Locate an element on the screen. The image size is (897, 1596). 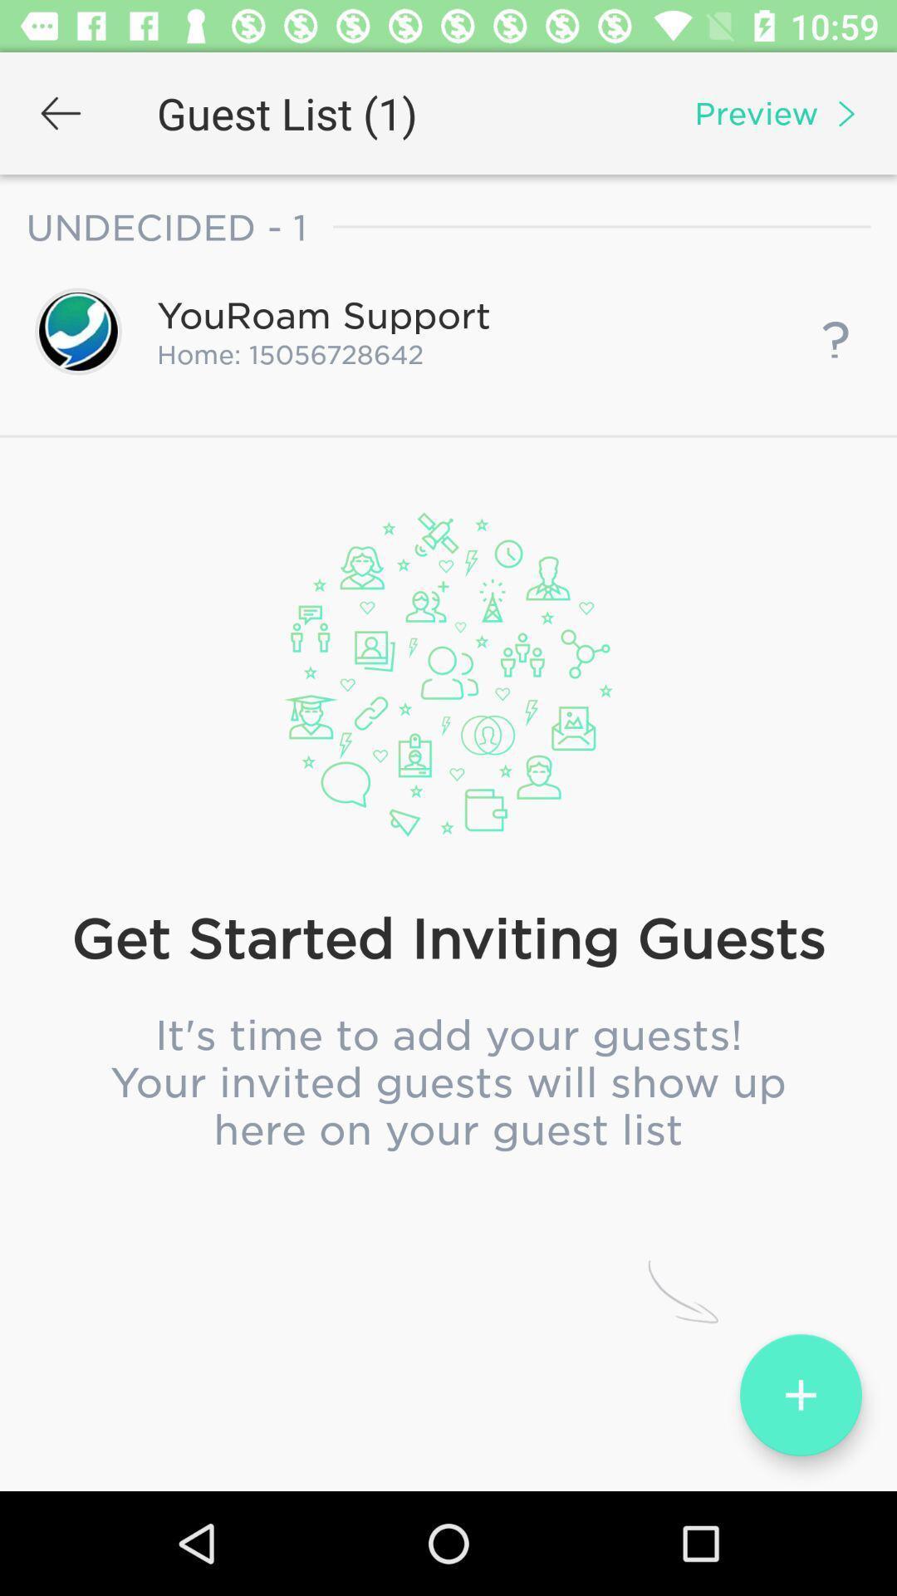
the item above undecided - 1 item is located at coordinates (60, 112).